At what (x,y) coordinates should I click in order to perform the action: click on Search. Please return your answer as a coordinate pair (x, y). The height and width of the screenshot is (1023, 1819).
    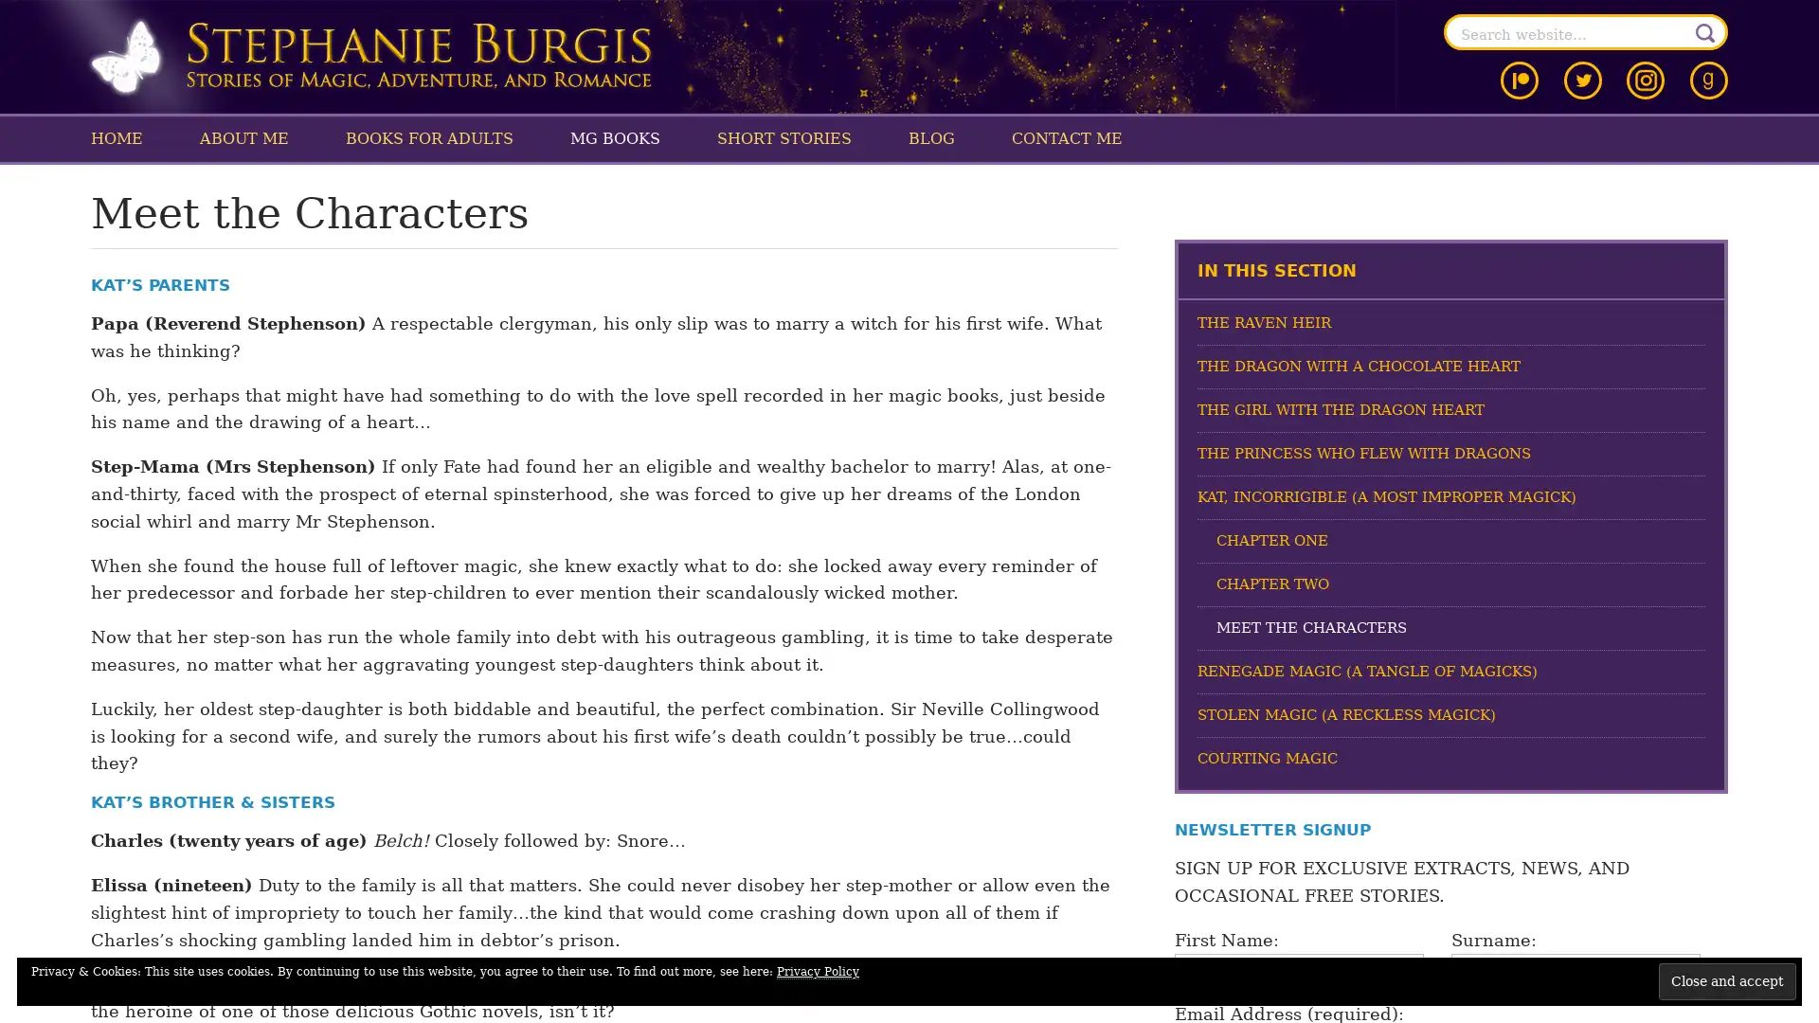
    Looking at the image, I should click on (1705, 32).